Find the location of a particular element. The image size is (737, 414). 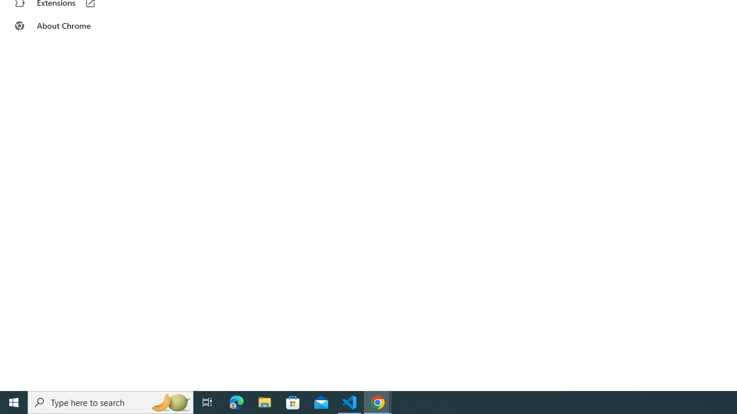

'About Chrome' is located at coordinates (71, 26).